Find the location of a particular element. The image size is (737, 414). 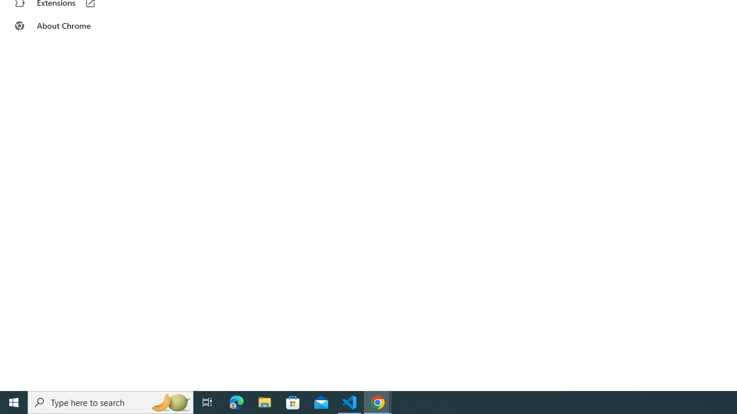

'About Chrome' is located at coordinates (71, 26).